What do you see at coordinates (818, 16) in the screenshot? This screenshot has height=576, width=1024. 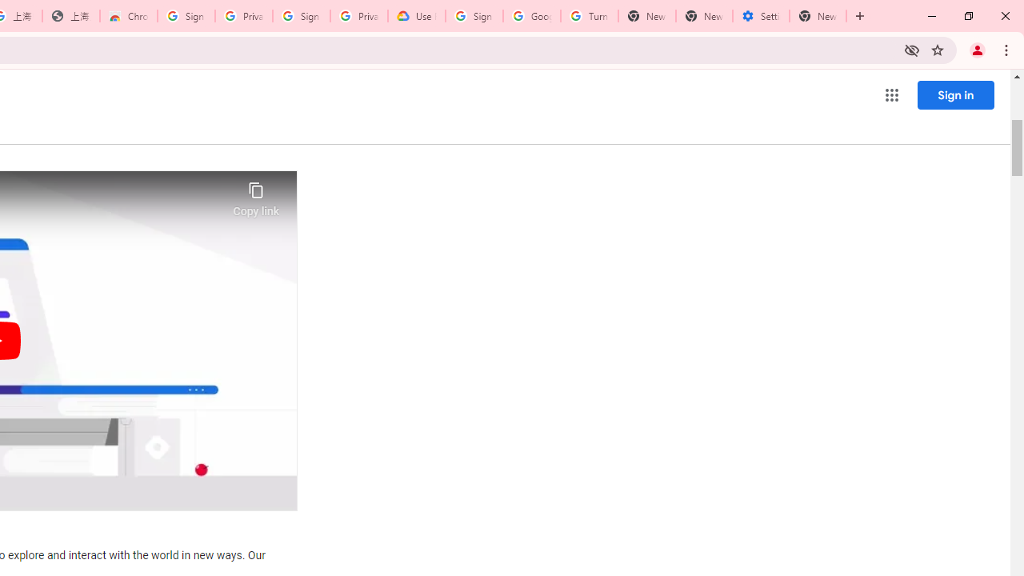 I see `'New Tab'` at bounding box center [818, 16].